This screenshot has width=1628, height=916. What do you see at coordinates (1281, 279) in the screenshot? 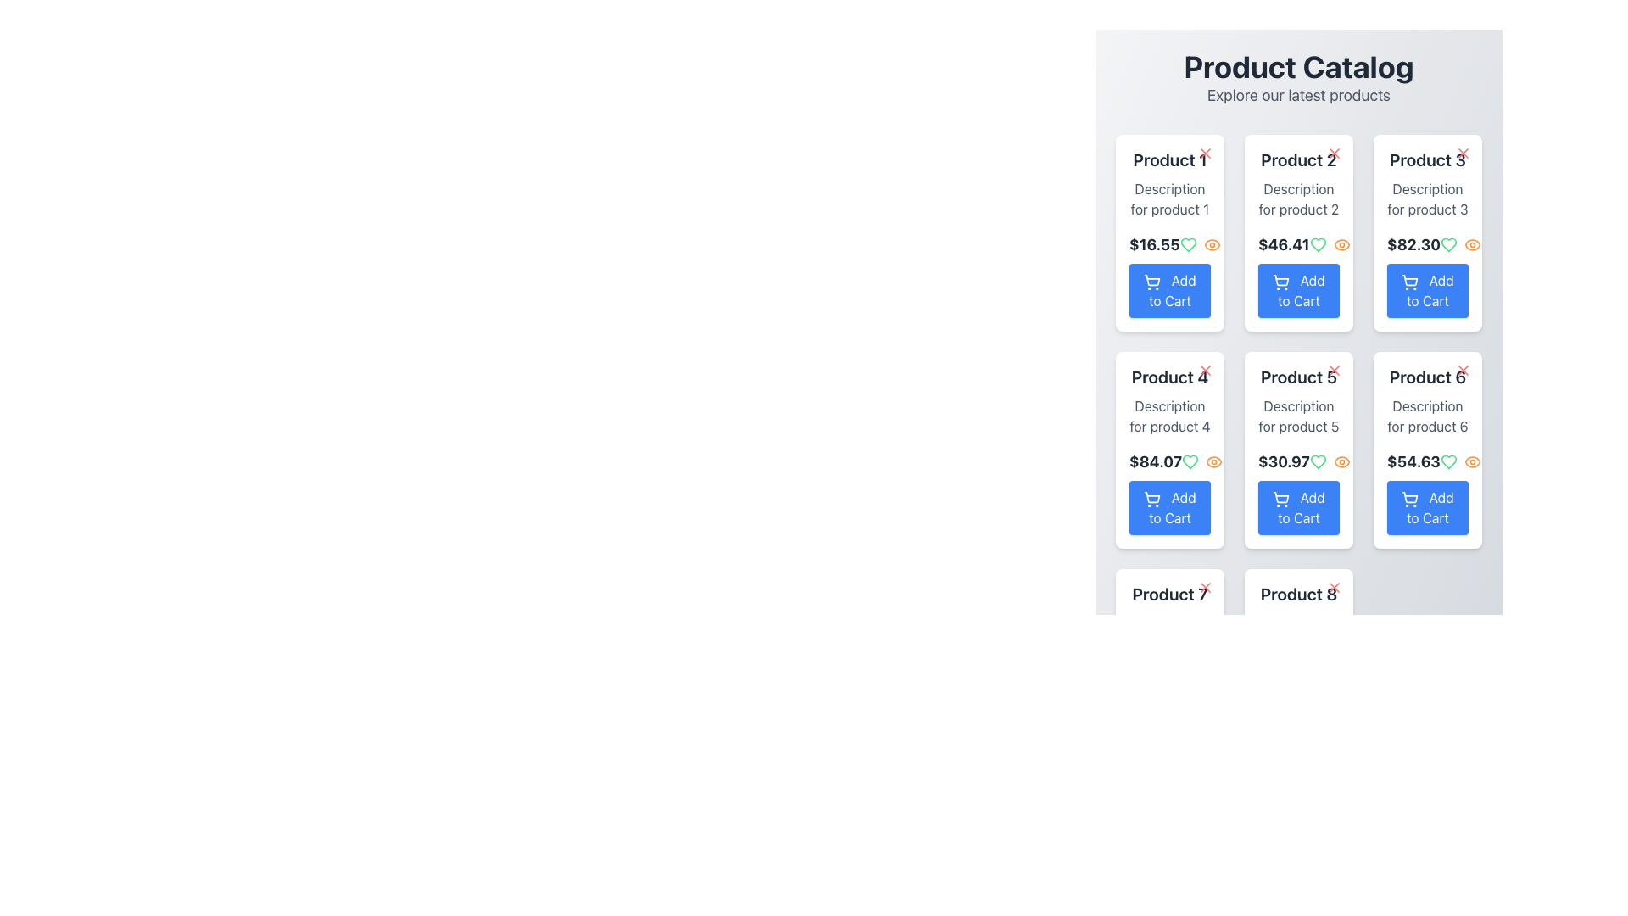
I see `the shopping cart icon located within the 'Add to Cart' button for 'Product 2' in the grid of products` at bounding box center [1281, 279].